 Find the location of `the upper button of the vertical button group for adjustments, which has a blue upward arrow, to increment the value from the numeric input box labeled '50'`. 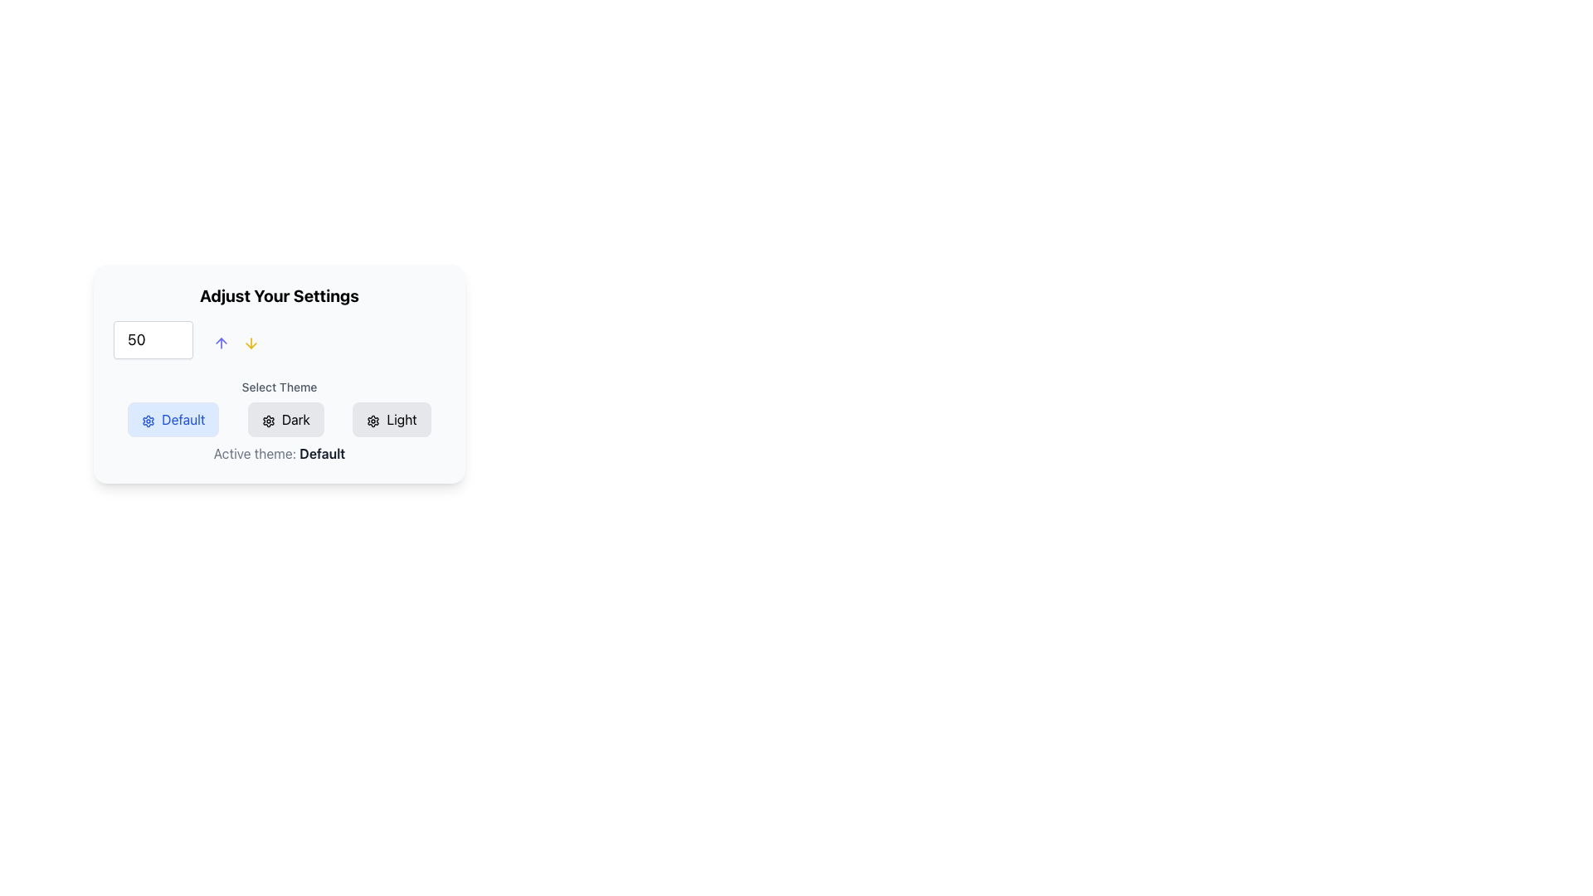

the upper button of the vertical button group for adjustments, which has a blue upward arrow, to increment the value from the numeric input box labeled '50' is located at coordinates (235, 338).